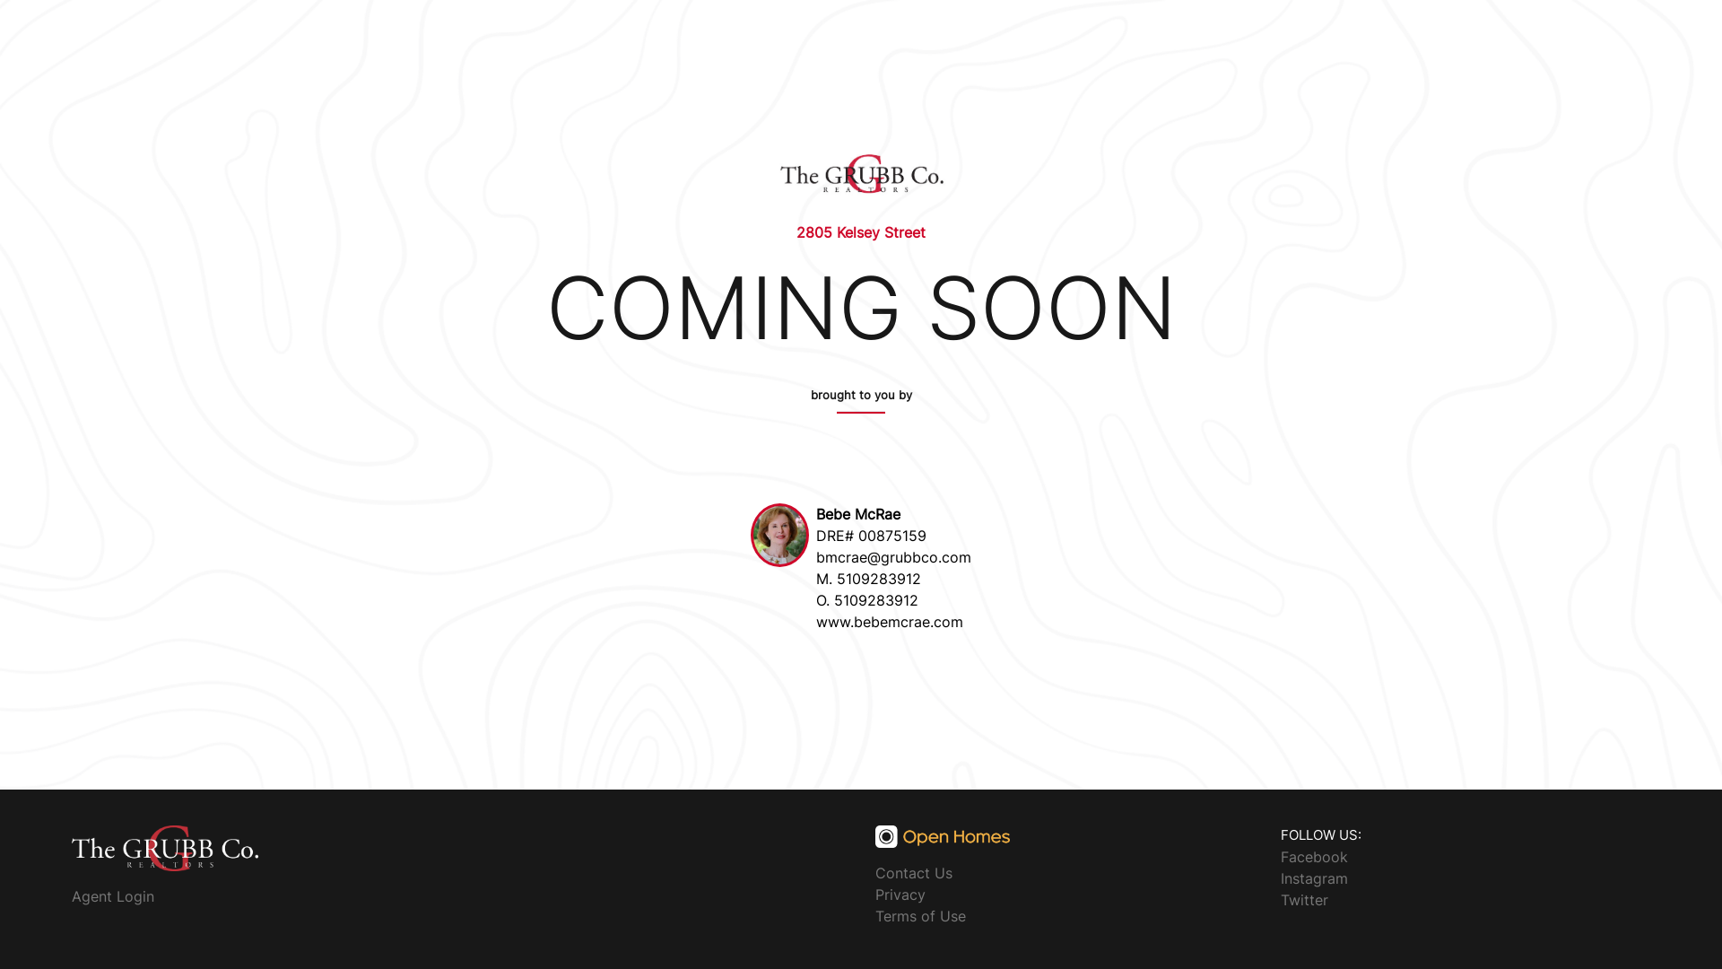 Image resolution: width=1722 pixels, height=969 pixels. I want to click on 'Agent Login', so click(72, 896).